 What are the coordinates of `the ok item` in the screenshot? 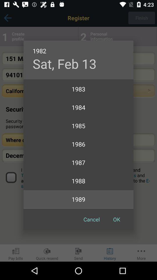 It's located at (117, 219).